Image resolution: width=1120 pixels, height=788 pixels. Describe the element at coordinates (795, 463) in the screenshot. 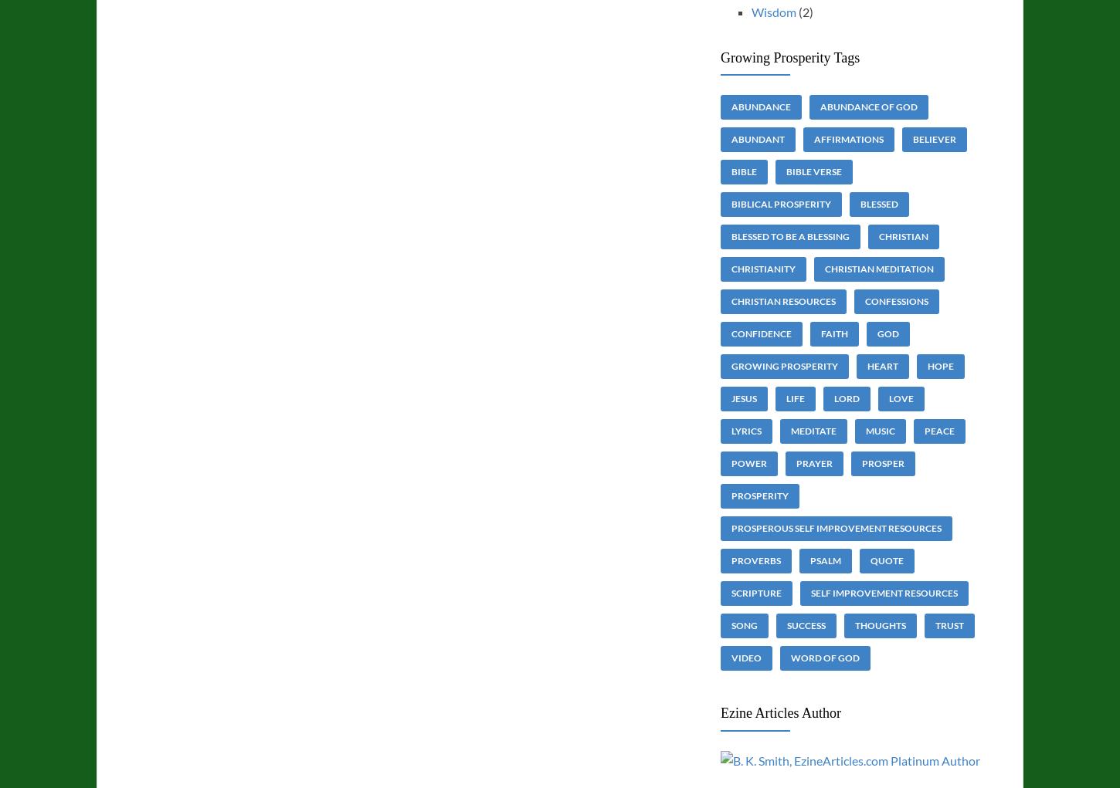

I see `'prayer'` at that location.